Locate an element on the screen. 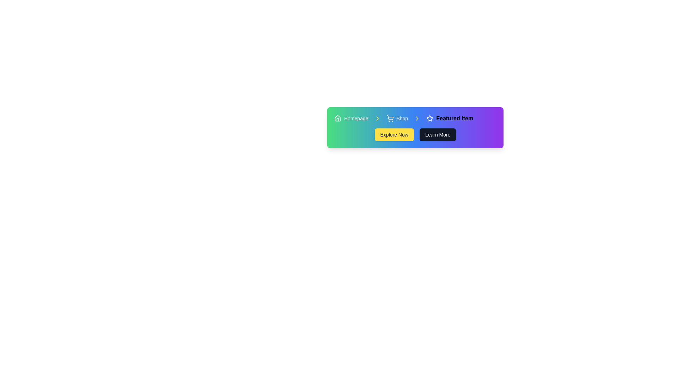 This screenshot has height=381, width=677. the shopping cart icon located to the left of the 'Shop' text in the horizontal navigation bar is located at coordinates (390, 118).